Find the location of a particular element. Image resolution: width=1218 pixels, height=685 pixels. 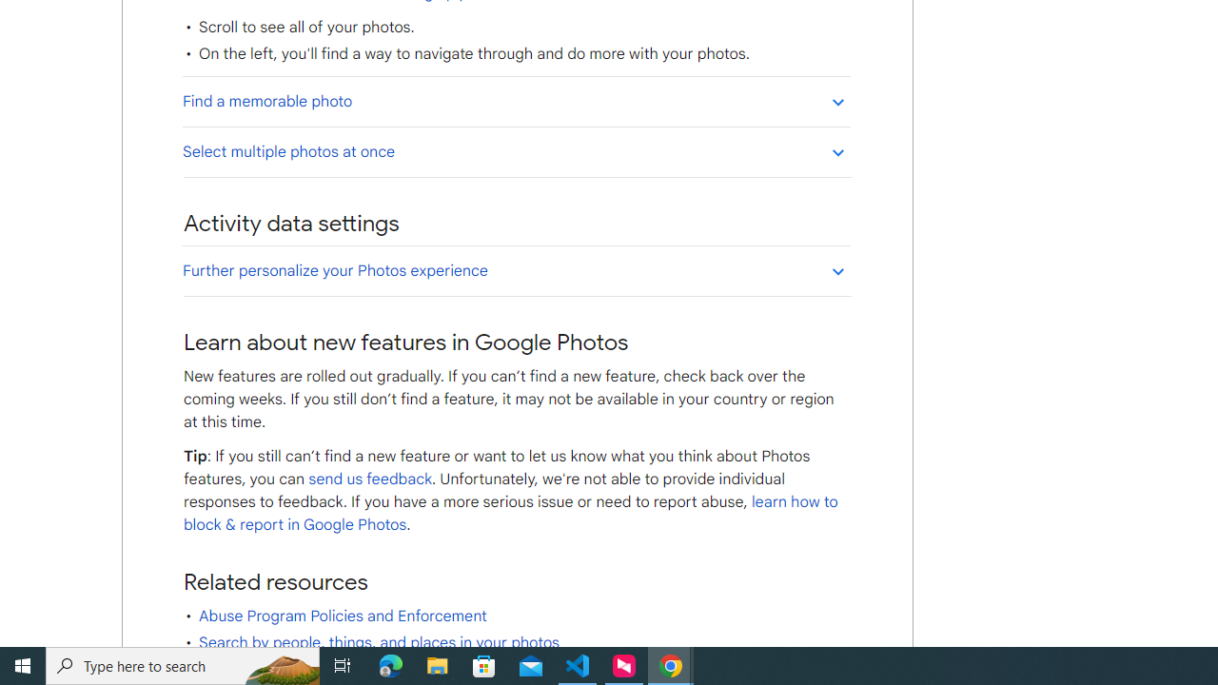

'Further personalize your Photos experience' is located at coordinates (516, 270).